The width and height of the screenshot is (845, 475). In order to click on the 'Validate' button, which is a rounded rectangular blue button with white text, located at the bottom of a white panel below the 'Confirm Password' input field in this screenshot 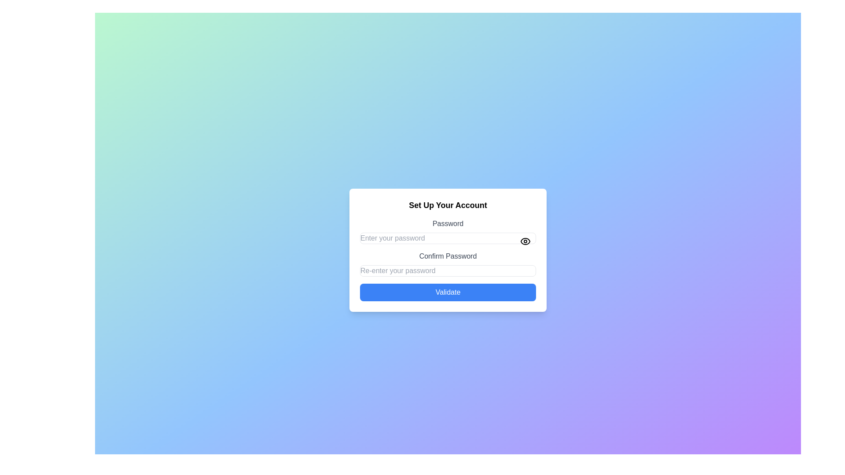, I will do `click(448, 292)`.